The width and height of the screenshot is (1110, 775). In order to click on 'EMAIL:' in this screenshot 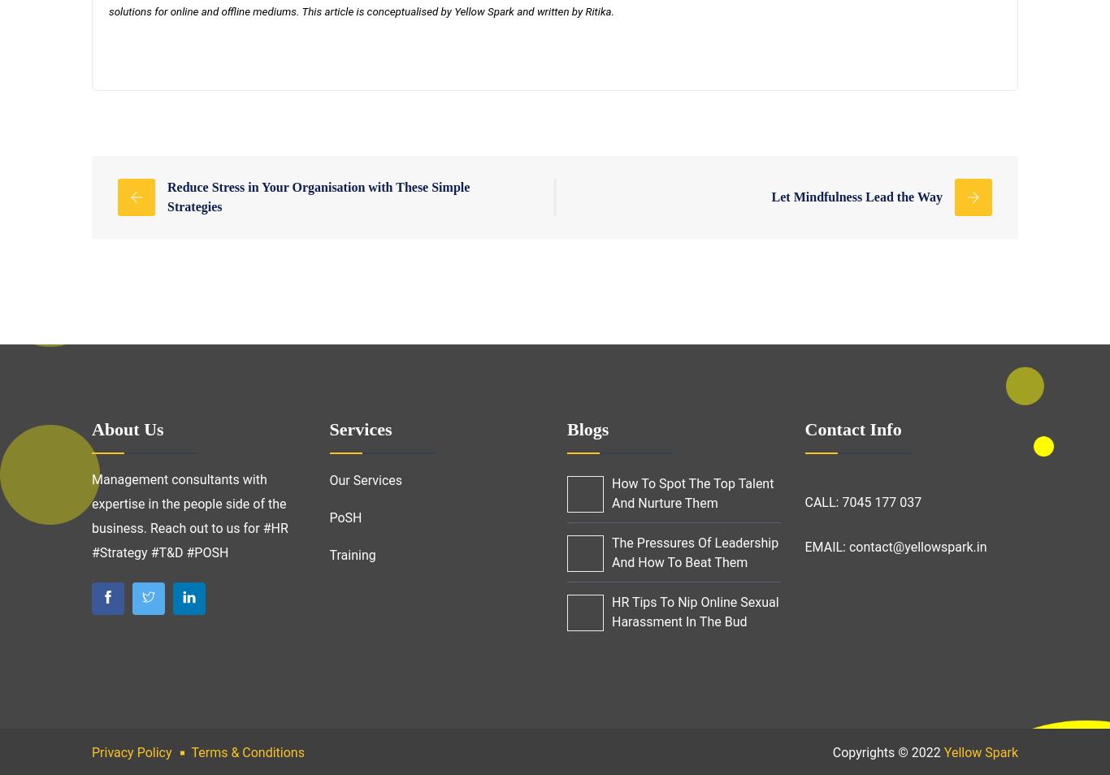, I will do `click(826, 546)`.